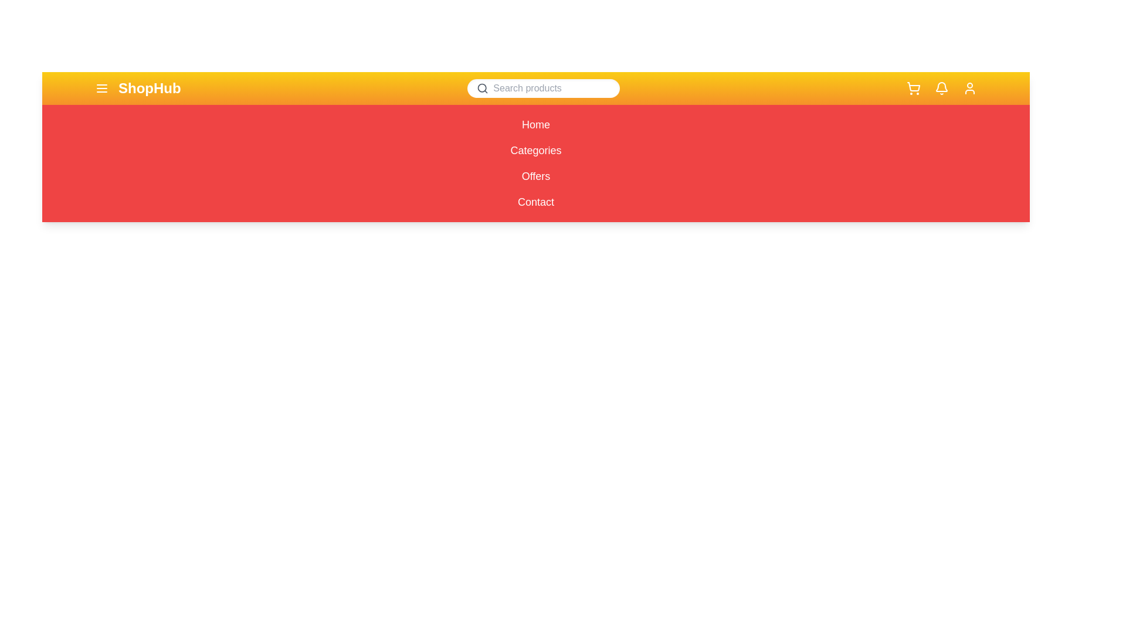 This screenshot has width=1126, height=633. I want to click on the shopping cart icon to view the cart, so click(913, 87).